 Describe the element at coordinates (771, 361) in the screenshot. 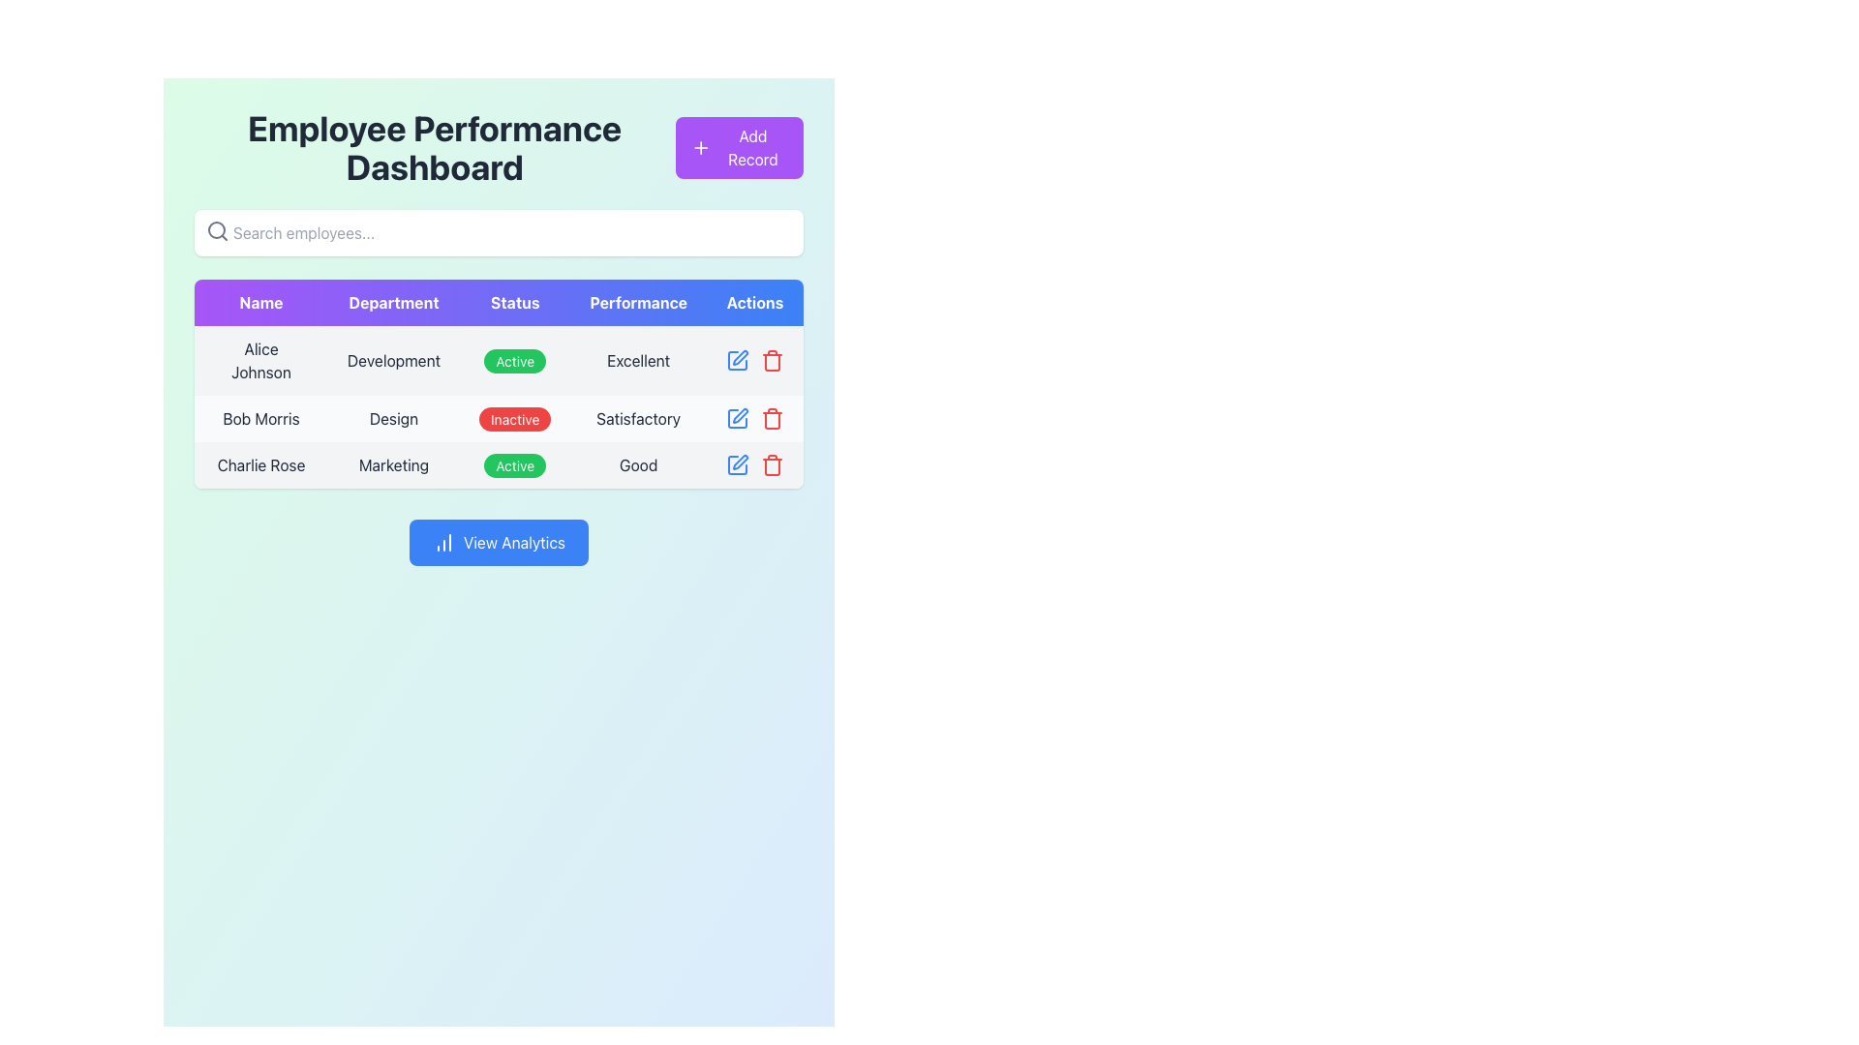

I see `the red trash icon button located in the 'Actions' column of the middle row` at that location.